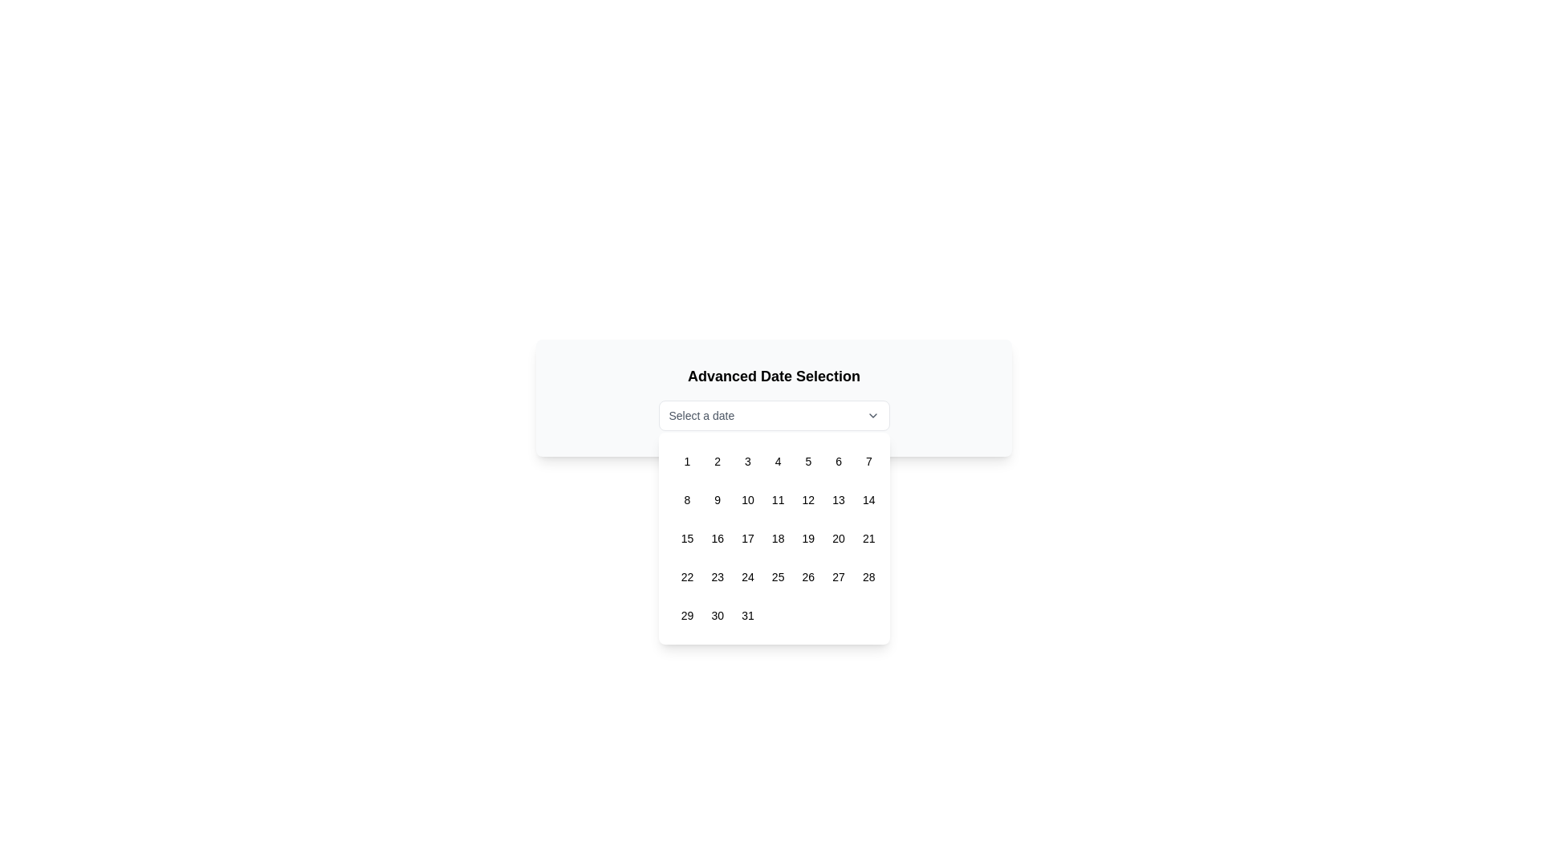  Describe the element at coordinates (687, 576) in the screenshot. I see `the circular button displaying the number '22' for selection confirmation` at that location.